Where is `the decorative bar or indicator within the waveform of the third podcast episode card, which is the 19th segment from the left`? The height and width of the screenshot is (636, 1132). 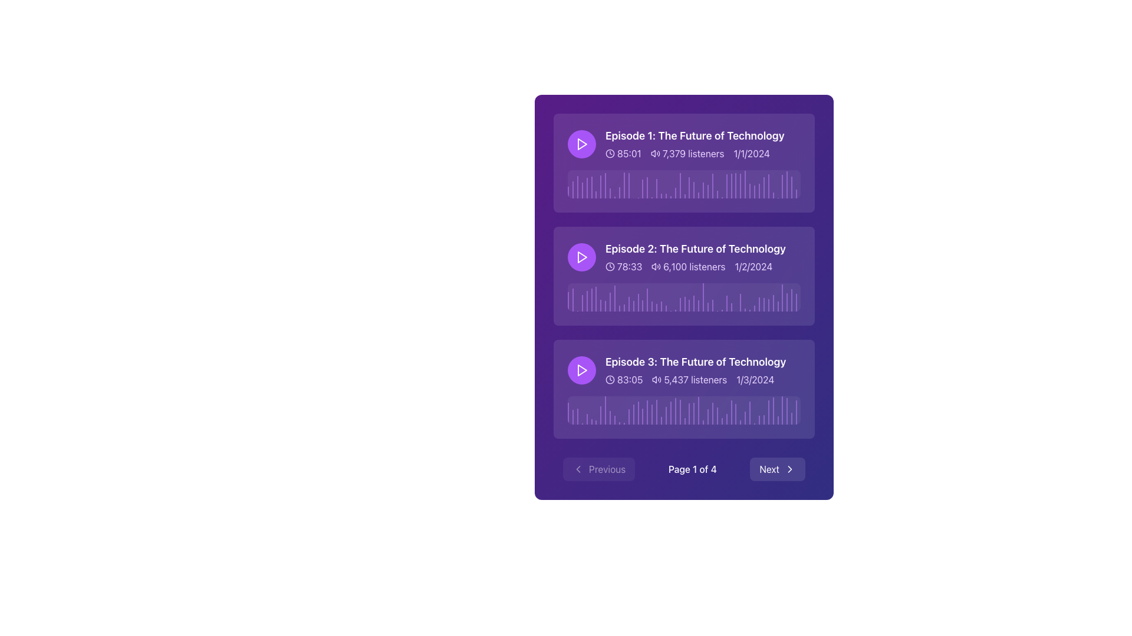 the decorative bar or indicator within the waveform of the third podcast episode card, which is the 19th segment from the left is located at coordinates (651, 413).